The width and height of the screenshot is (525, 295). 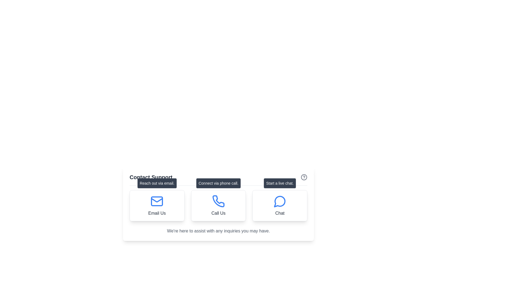 What do you see at coordinates (157, 183) in the screenshot?
I see `tooltip text box that appears above the 'Email Us' button, which contains the message 'Reach out via email.'` at bounding box center [157, 183].